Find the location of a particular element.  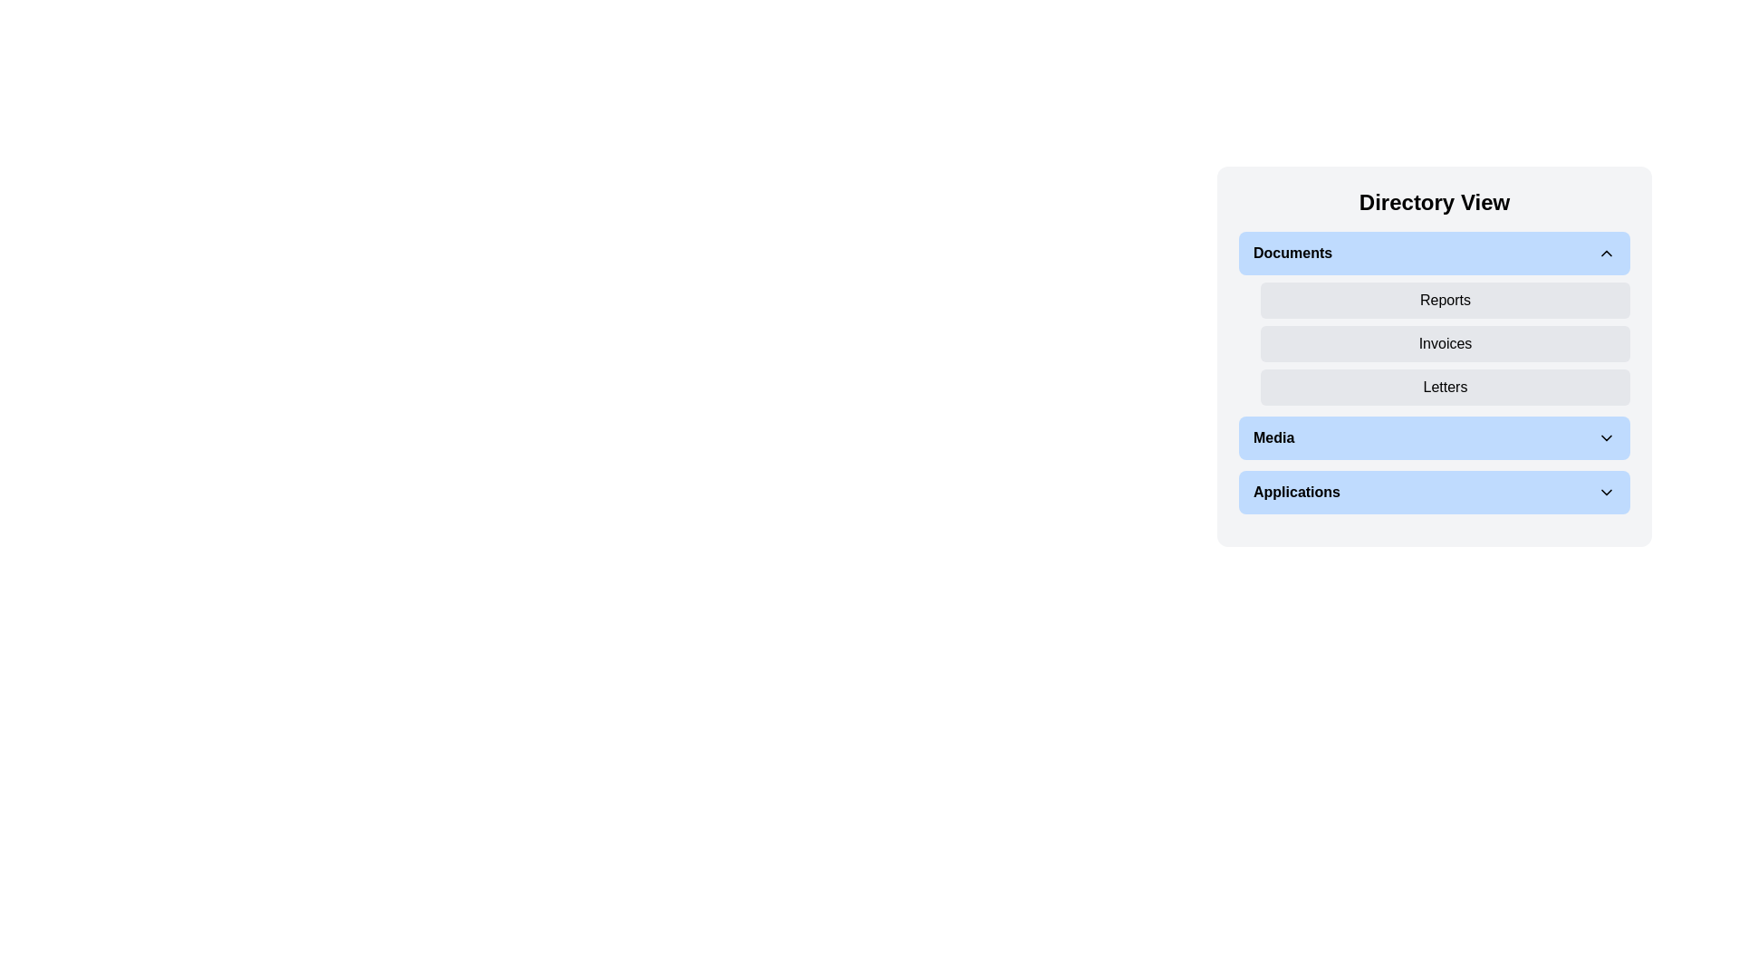

text label titled 'Media', which is positioned within a bar-like button with a light blue background, located under the 'Directory View' header is located at coordinates (1273, 437).